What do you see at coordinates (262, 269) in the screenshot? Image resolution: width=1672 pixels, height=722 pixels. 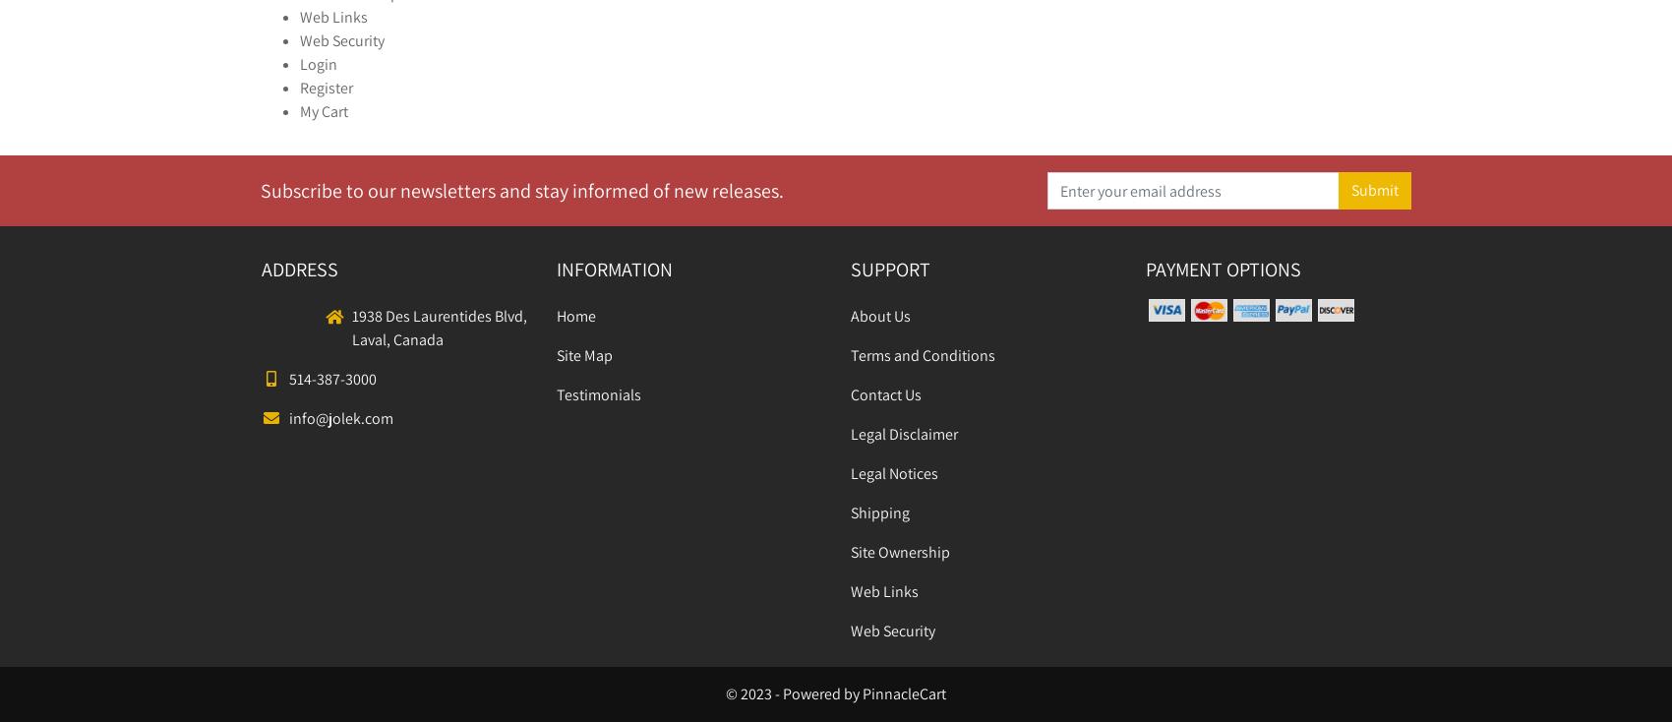 I see `'Address'` at bounding box center [262, 269].